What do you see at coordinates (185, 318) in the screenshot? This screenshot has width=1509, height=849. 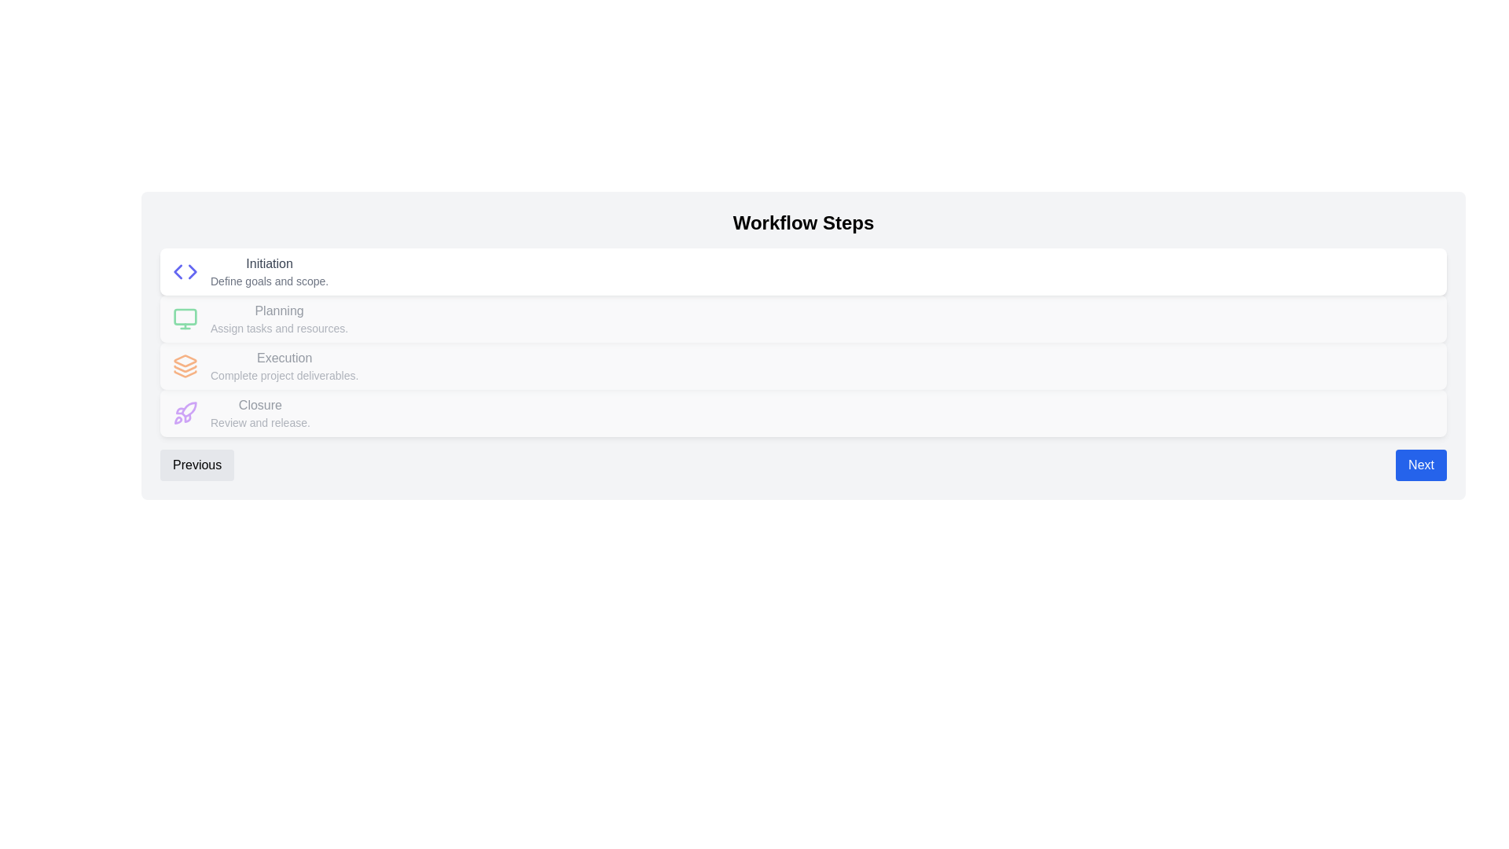 I see `the icon representing the concept of planning, which is located in the second row of a vertical list, preceding the text 'Planning'` at bounding box center [185, 318].